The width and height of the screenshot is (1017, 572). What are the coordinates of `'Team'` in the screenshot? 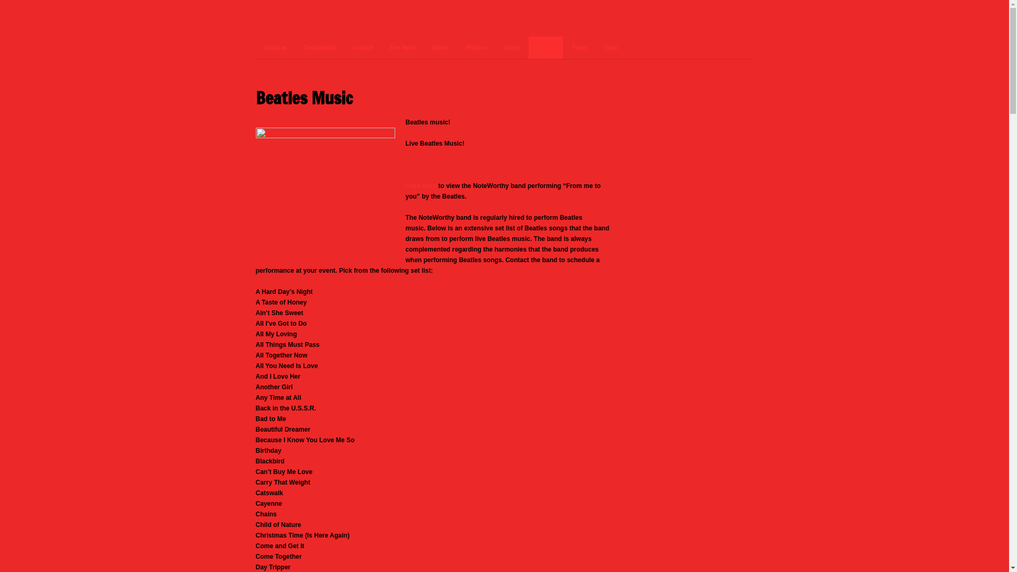 It's located at (610, 47).